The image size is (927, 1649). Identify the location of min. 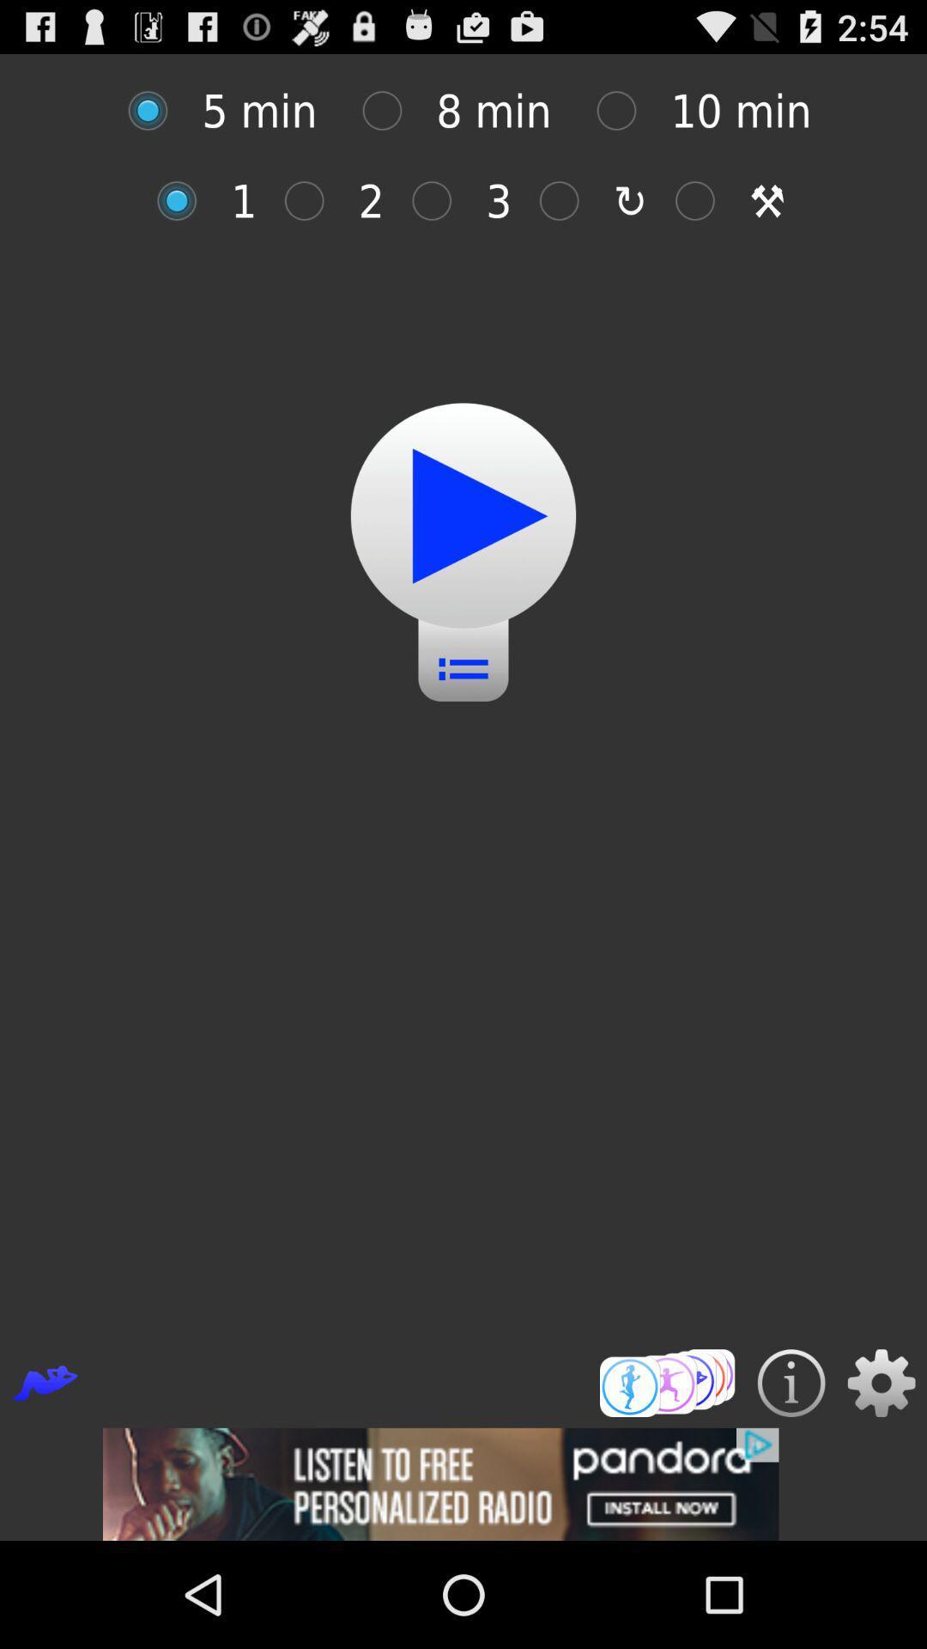
(568, 201).